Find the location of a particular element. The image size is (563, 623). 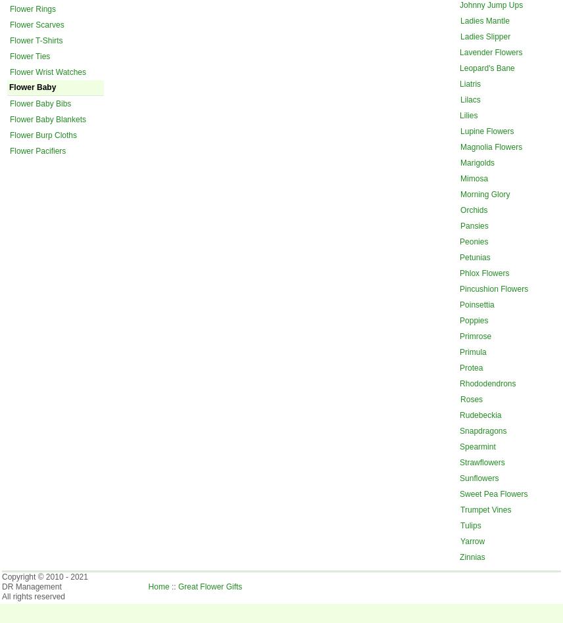

'Yarrow' is located at coordinates (472, 540).